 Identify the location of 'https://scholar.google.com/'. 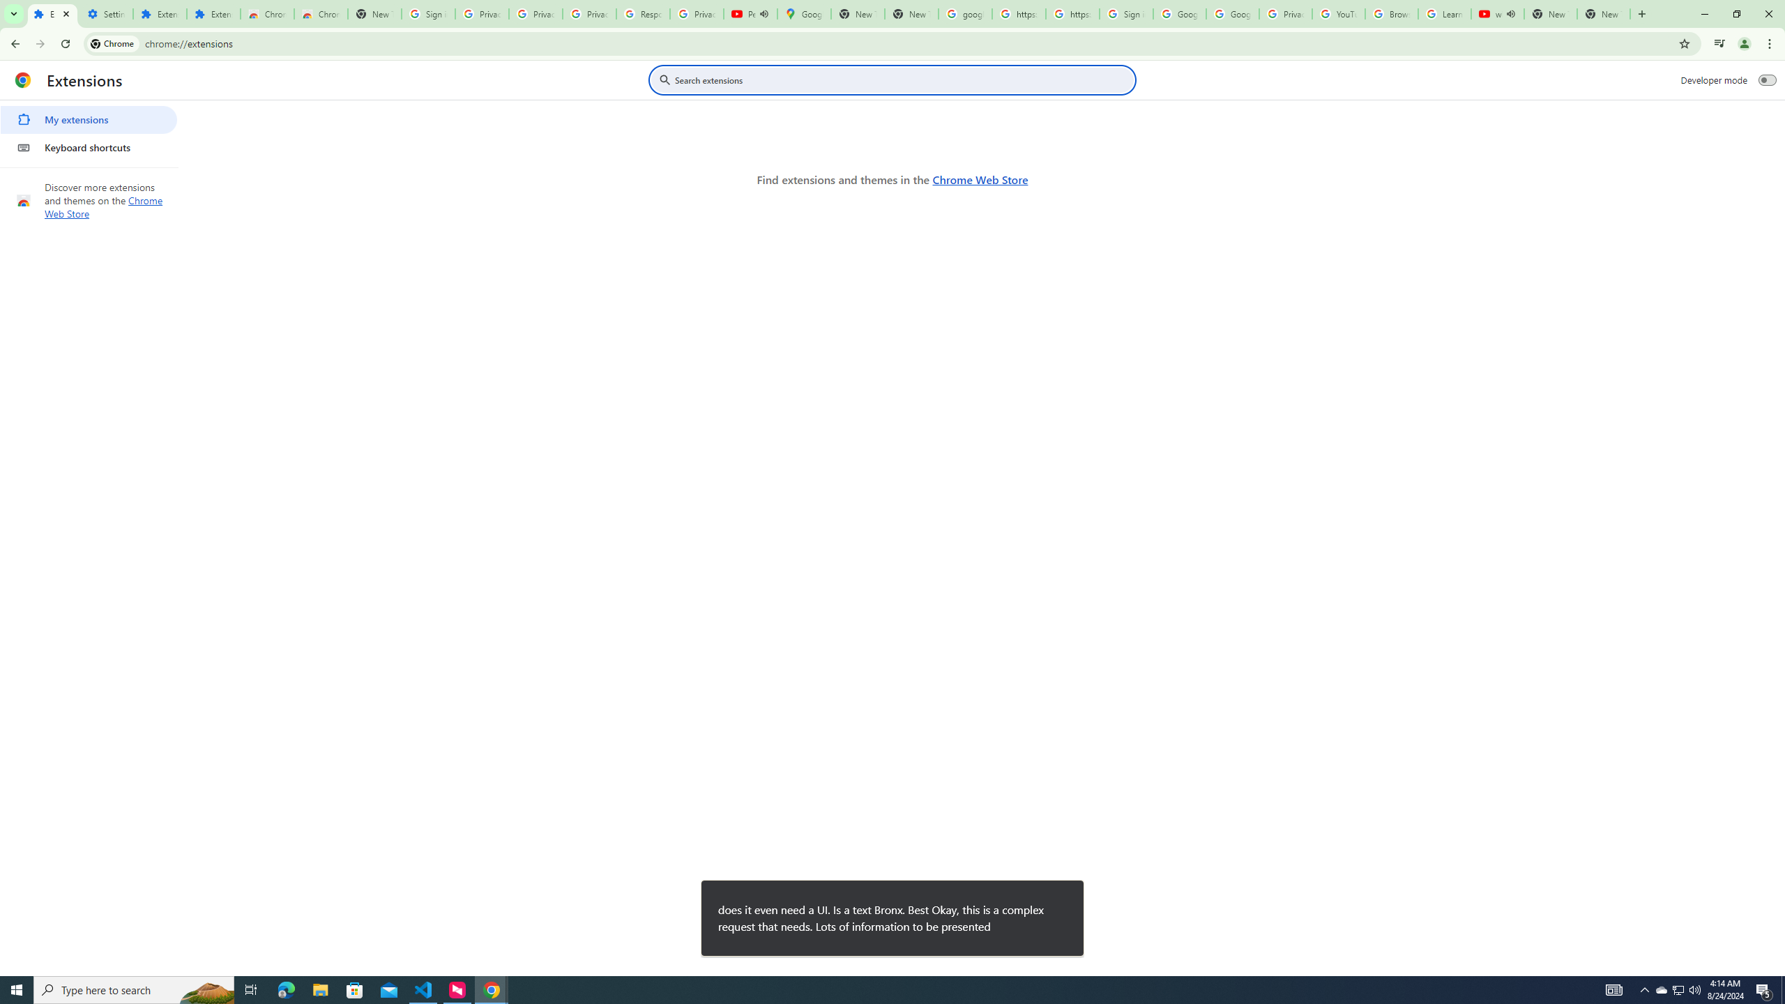
(1072, 13).